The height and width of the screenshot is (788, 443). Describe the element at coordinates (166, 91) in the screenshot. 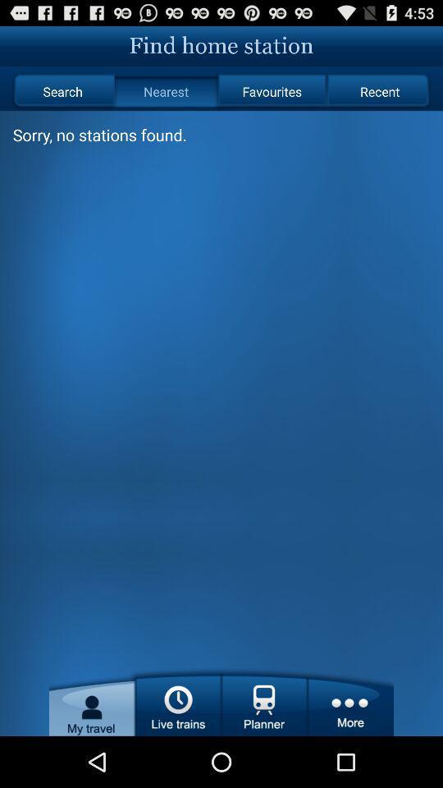

I see `the icon next to the search icon` at that location.